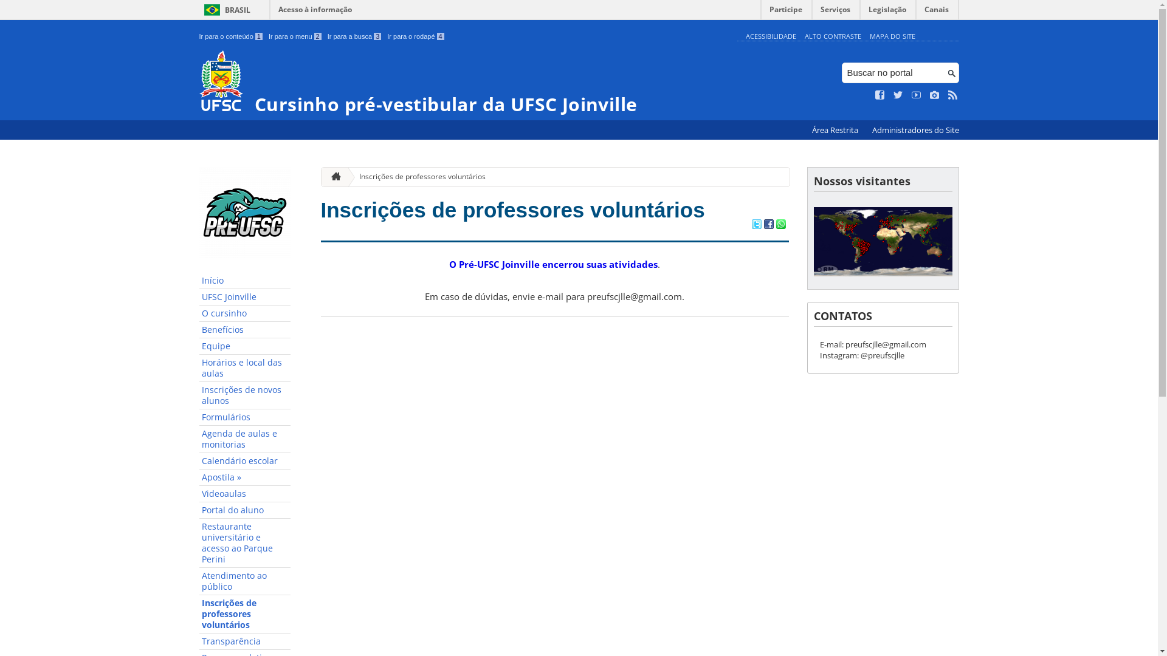 This screenshot has width=1167, height=656. What do you see at coordinates (880, 95) in the screenshot?
I see `'Curta no Facebook'` at bounding box center [880, 95].